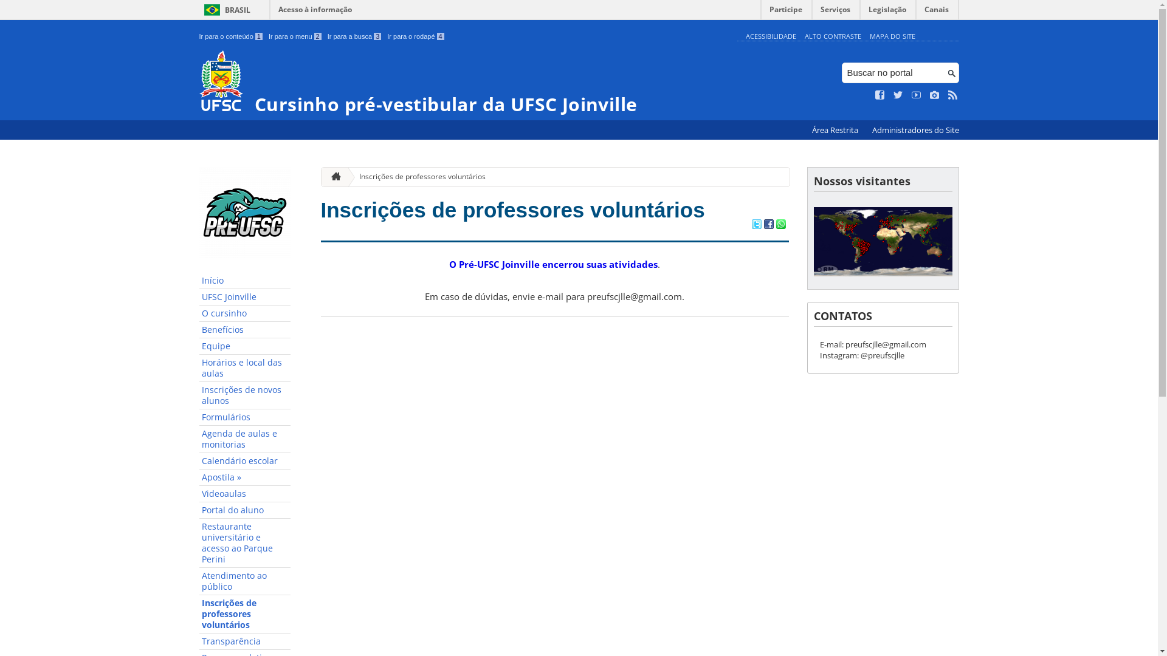 This screenshot has width=1167, height=656. What do you see at coordinates (880, 95) in the screenshot?
I see `'Curta no Facebook'` at bounding box center [880, 95].